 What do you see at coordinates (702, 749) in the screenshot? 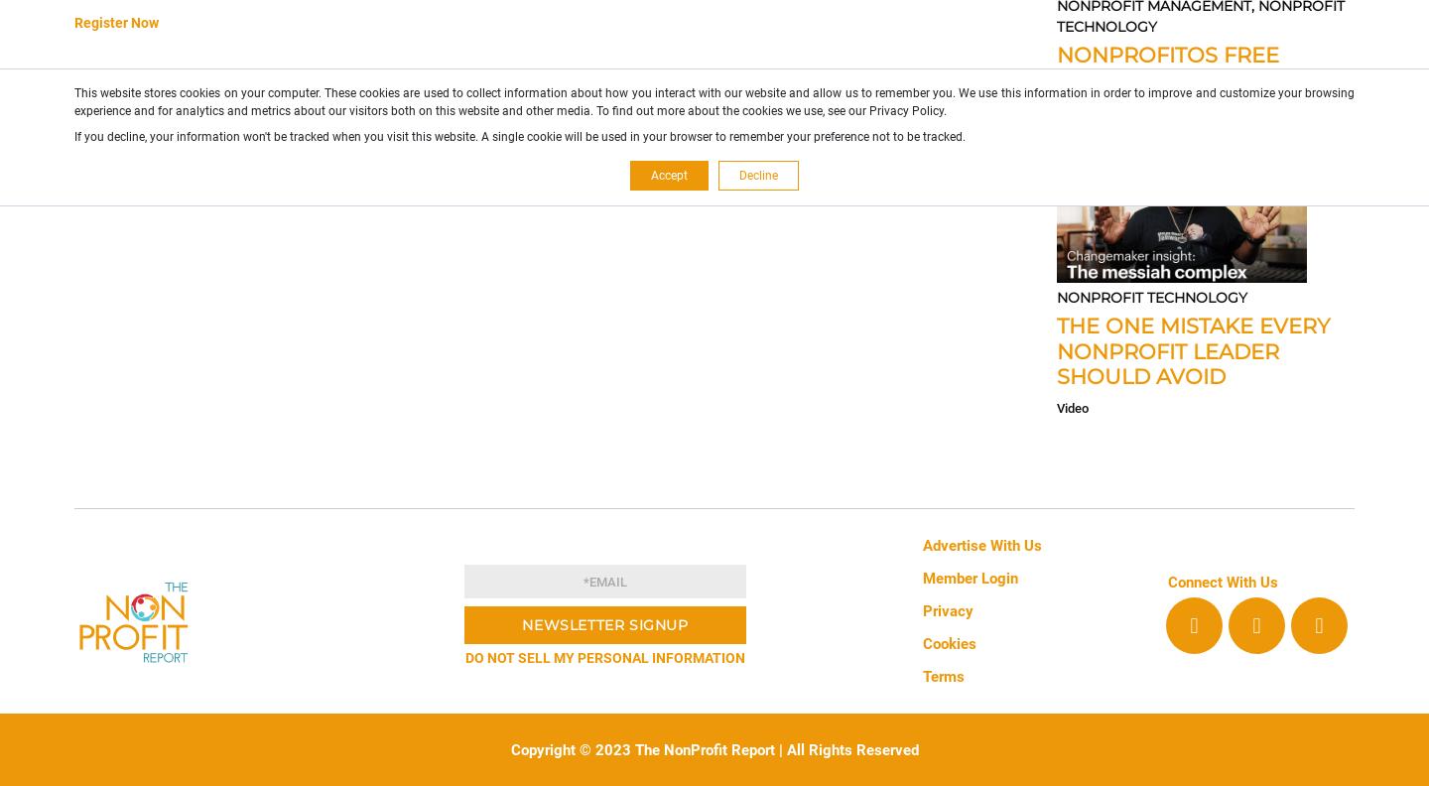
I see `'The NonProfit Report'` at bounding box center [702, 749].